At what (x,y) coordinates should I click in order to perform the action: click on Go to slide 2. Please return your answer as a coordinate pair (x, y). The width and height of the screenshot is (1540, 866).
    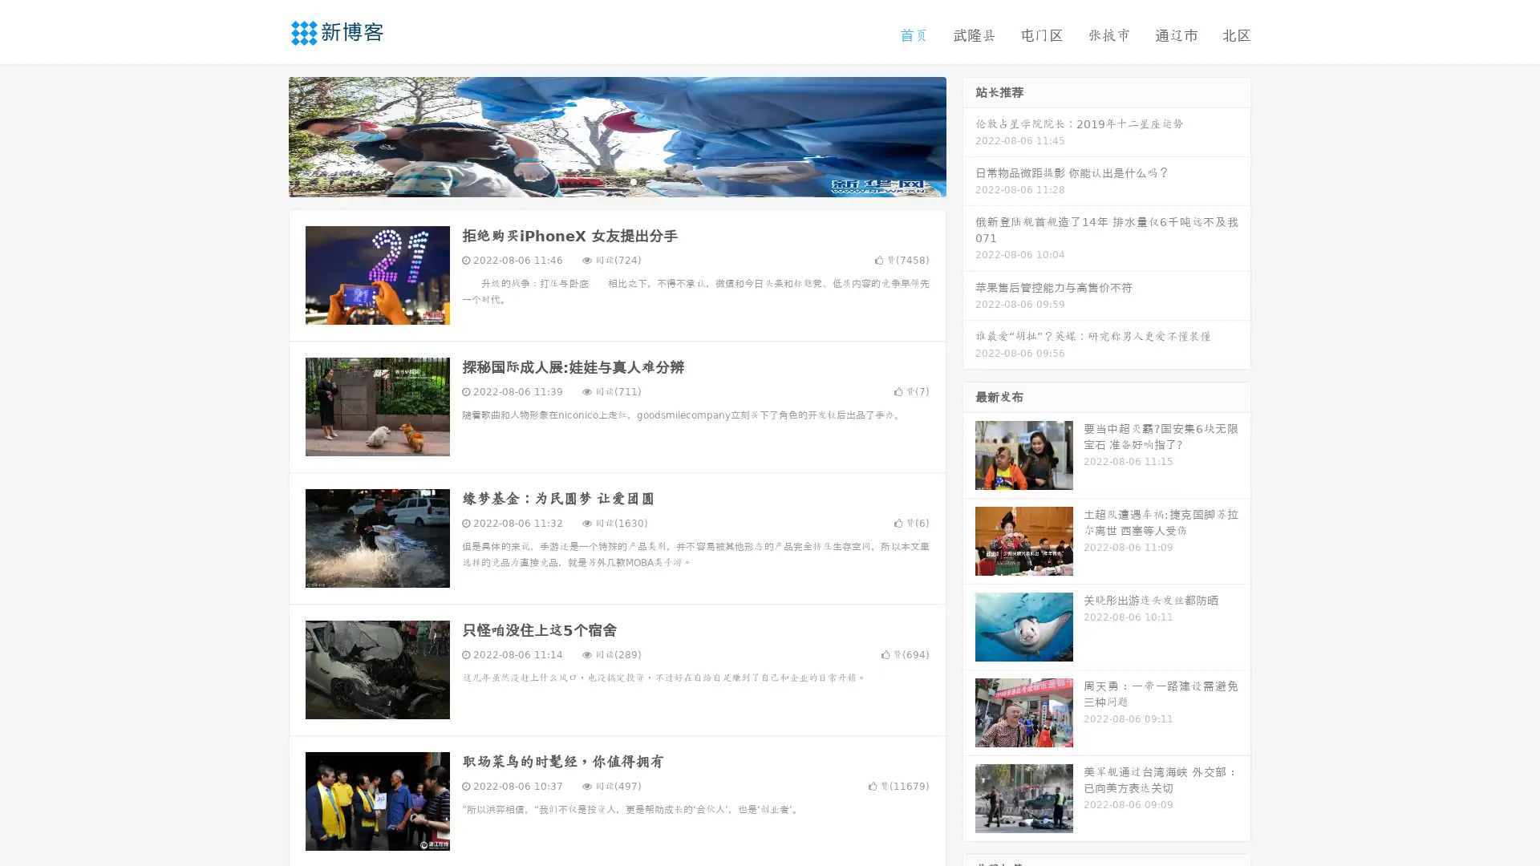
    Looking at the image, I should click on (616, 180).